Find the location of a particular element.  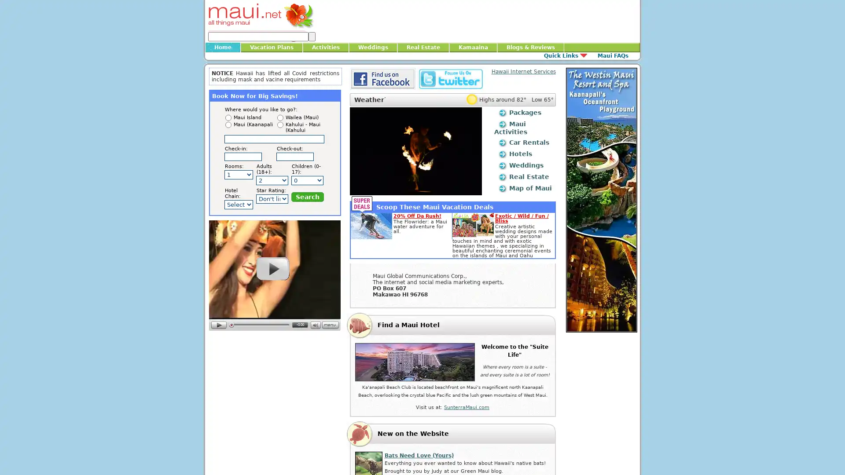

Search is located at coordinates (307, 196).